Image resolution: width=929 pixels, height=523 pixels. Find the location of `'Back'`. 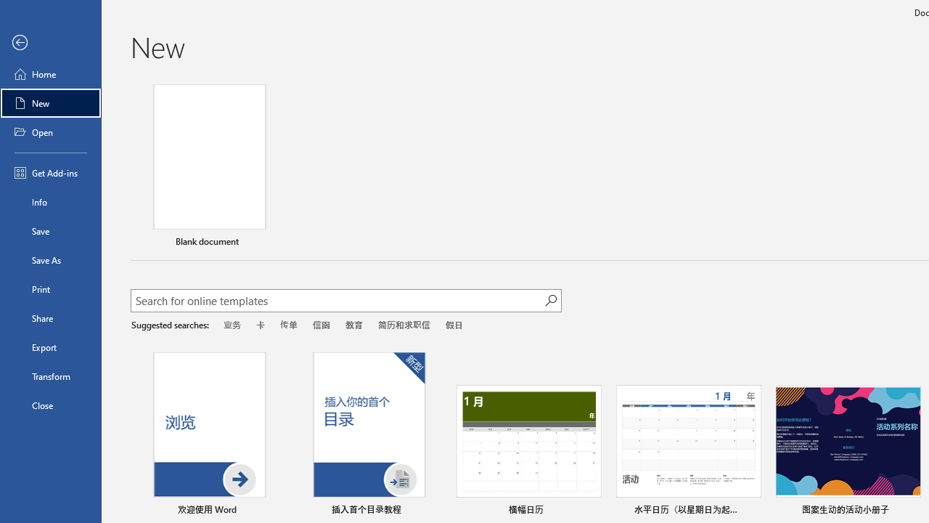

'Back' is located at coordinates (50, 42).